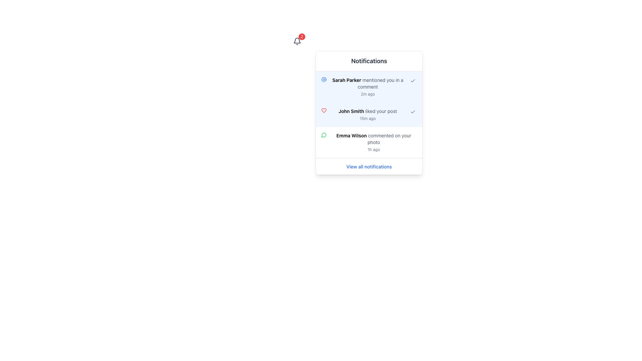  What do you see at coordinates (373, 139) in the screenshot?
I see `the text label that informs the user about an activity, specifically indicating 'Emma Wilson' commenting on their photo, located in the Notifications panel` at bounding box center [373, 139].